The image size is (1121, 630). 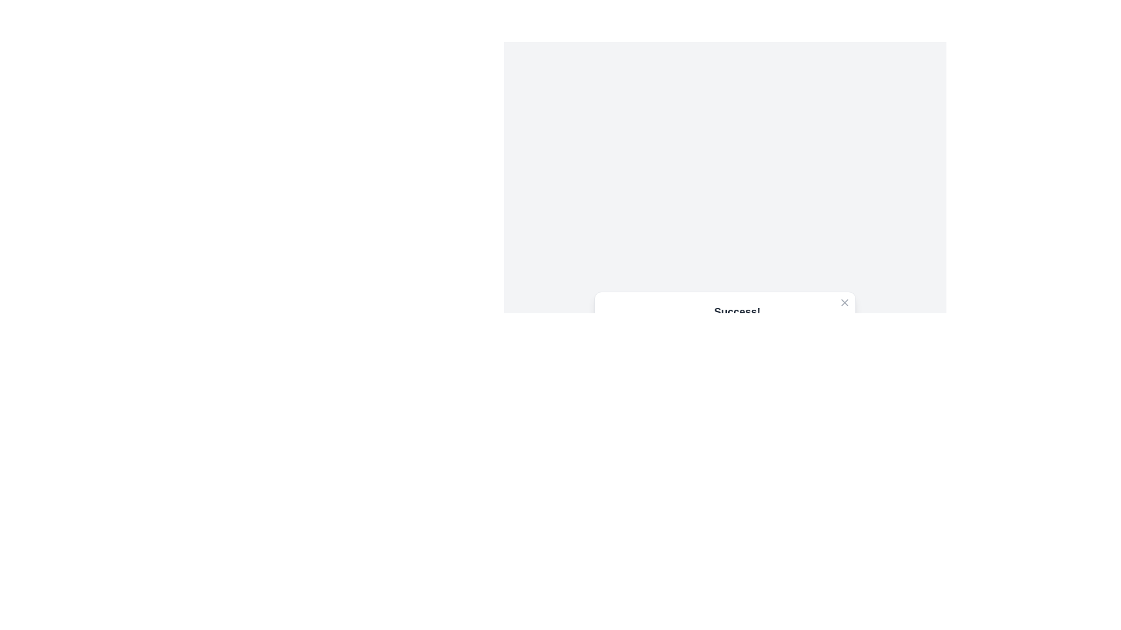 I want to click on the 'Dismiss' button to close the alert, so click(x=819, y=397).